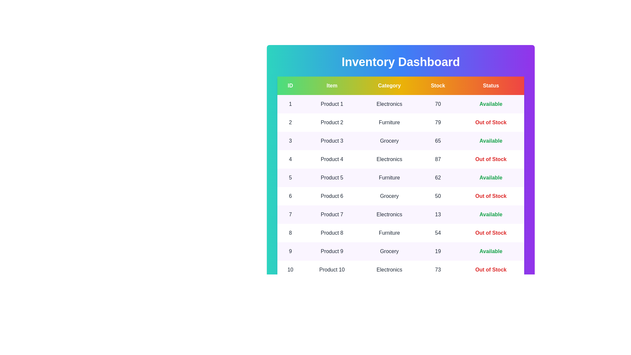  I want to click on the table header ID to sort the table by that column, so click(290, 85).